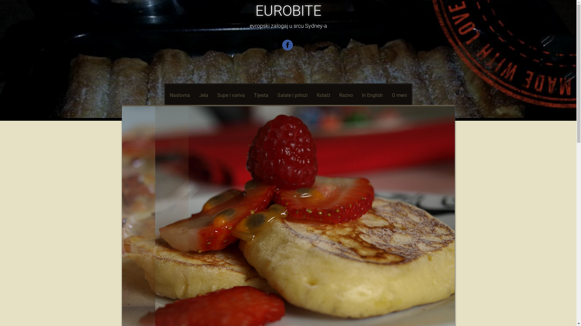 Image resolution: width=581 pixels, height=326 pixels. Describe the element at coordinates (346, 95) in the screenshot. I see `'Razno'` at that location.